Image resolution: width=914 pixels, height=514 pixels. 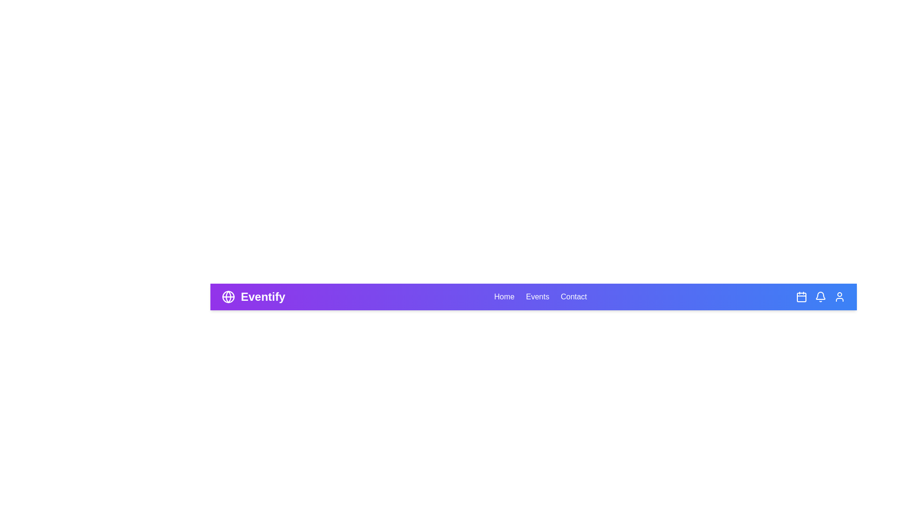 What do you see at coordinates (263, 297) in the screenshot?
I see `the 'Eventify' text to navigate to the homepage` at bounding box center [263, 297].